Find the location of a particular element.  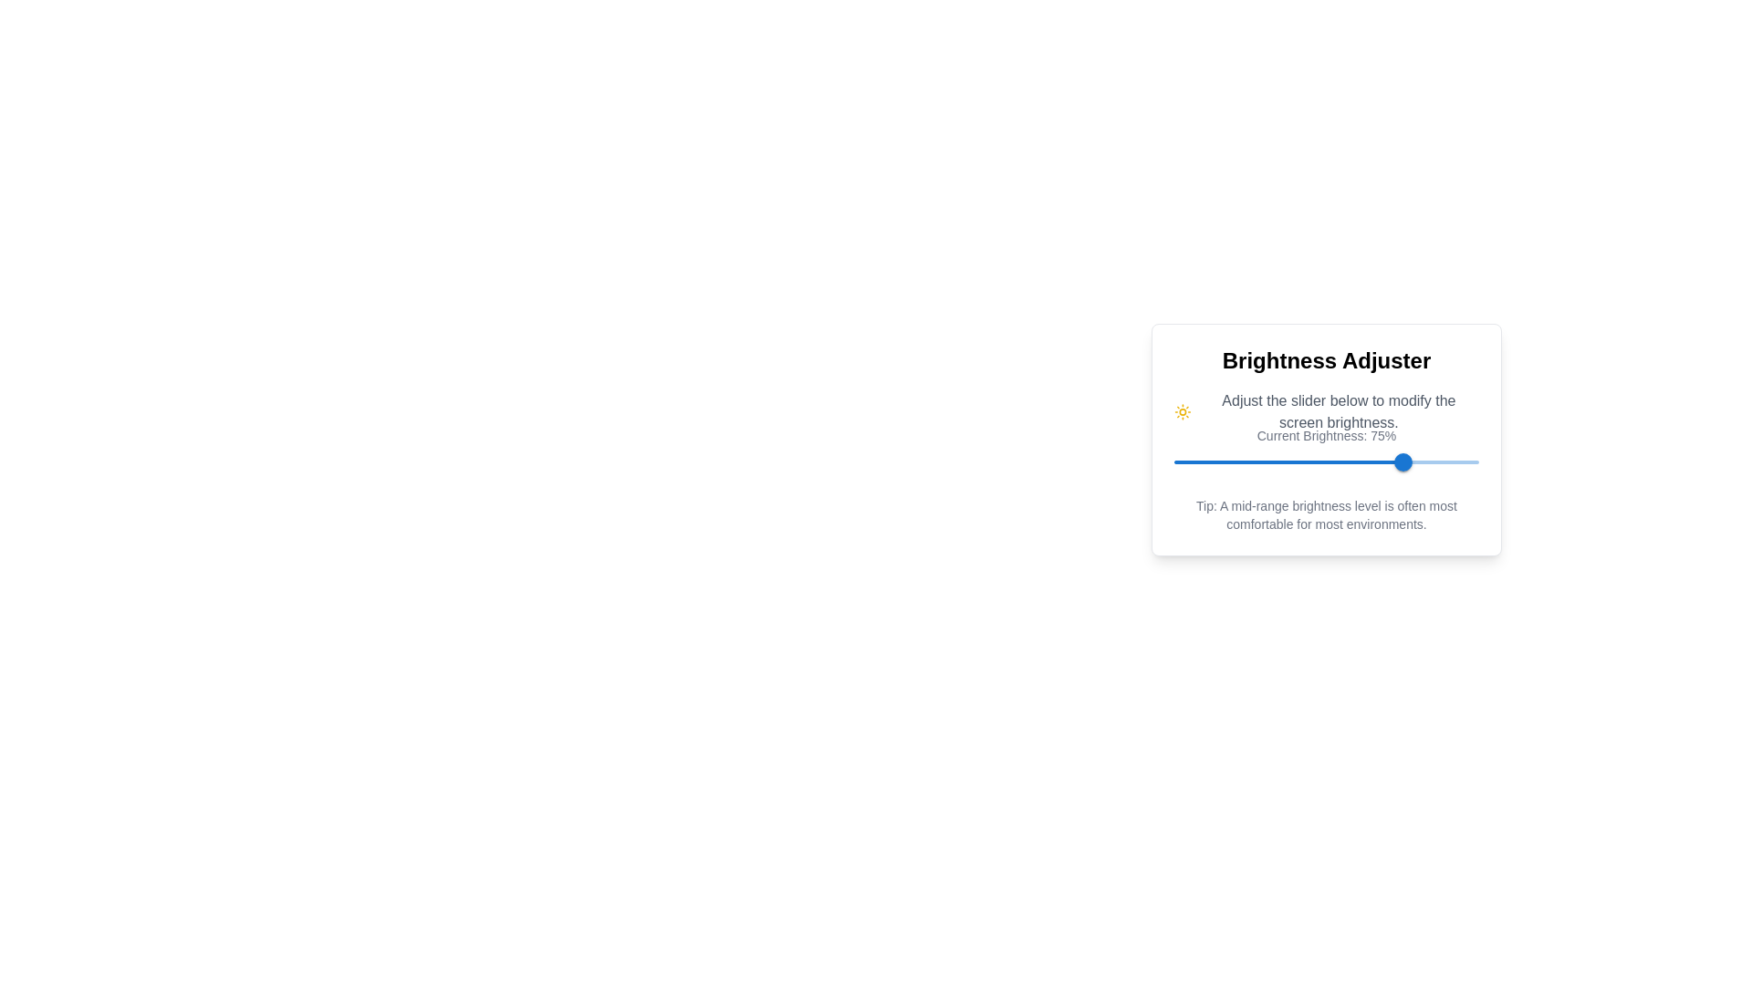

the bold, large-sized text labeled 'Brightness Adjuster' located at the top-center of the card interface is located at coordinates (1327, 361).